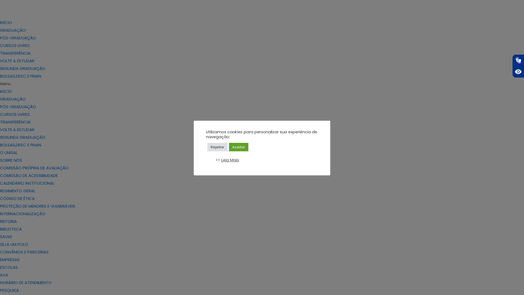 The image size is (524, 295). What do you see at coordinates (217, 147) in the screenshot?
I see `'Rejeitar'` at bounding box center [217, 147].